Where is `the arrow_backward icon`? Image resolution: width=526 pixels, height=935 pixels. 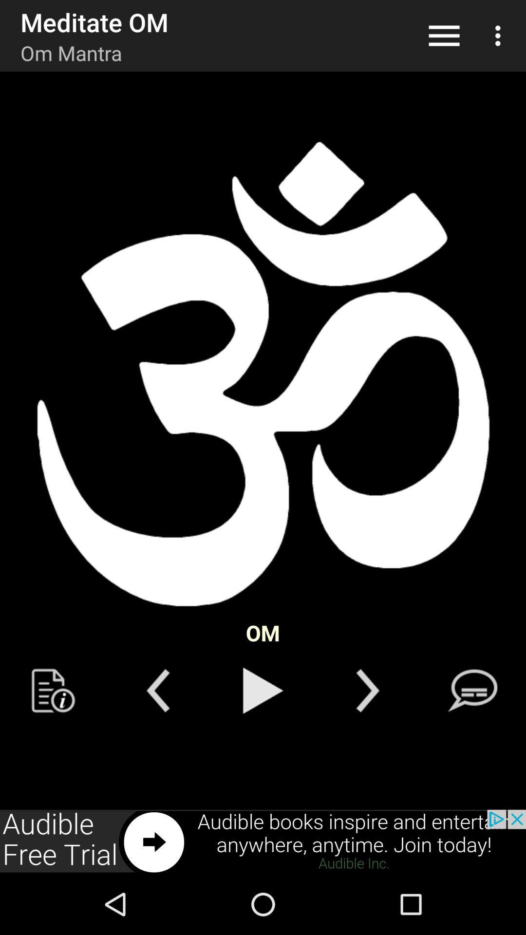 the arrow_backward icon is located at coordinates (157, 690).